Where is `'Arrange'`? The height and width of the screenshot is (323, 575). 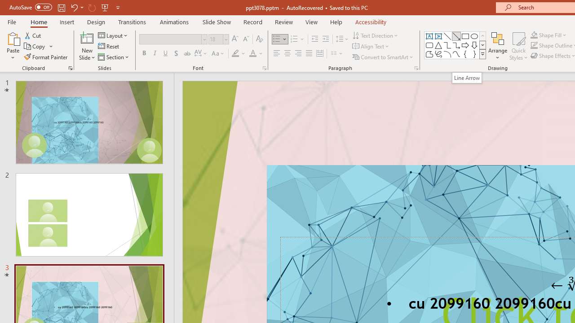
'Arrange' is located at coordinates (497, 46).